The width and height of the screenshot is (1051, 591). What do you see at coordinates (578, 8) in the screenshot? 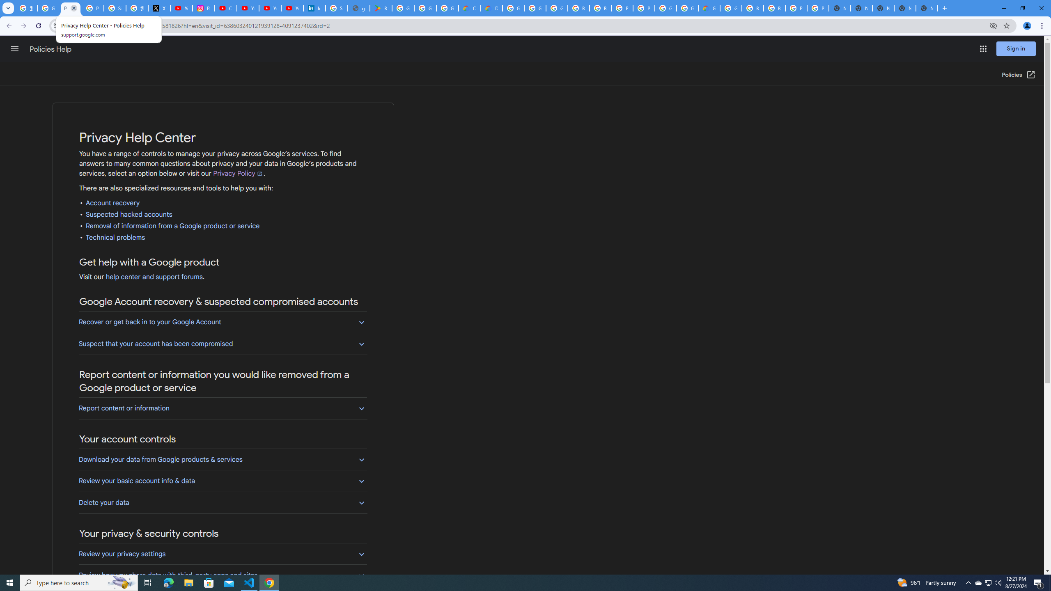
I see `'Browse Chrome as a guest - Computer - Google Chrome Help'` at bounding box center [578, 8].